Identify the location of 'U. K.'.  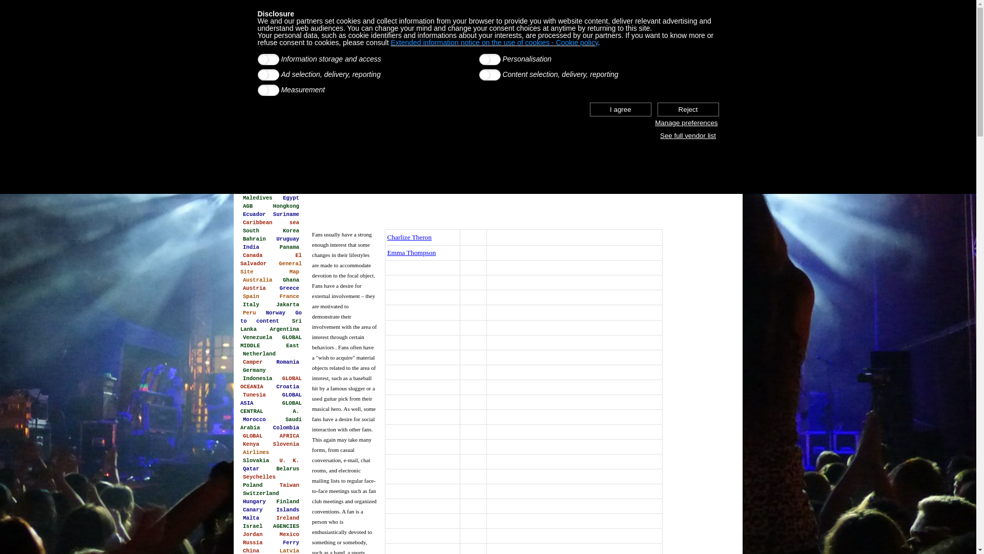
(289, 460).